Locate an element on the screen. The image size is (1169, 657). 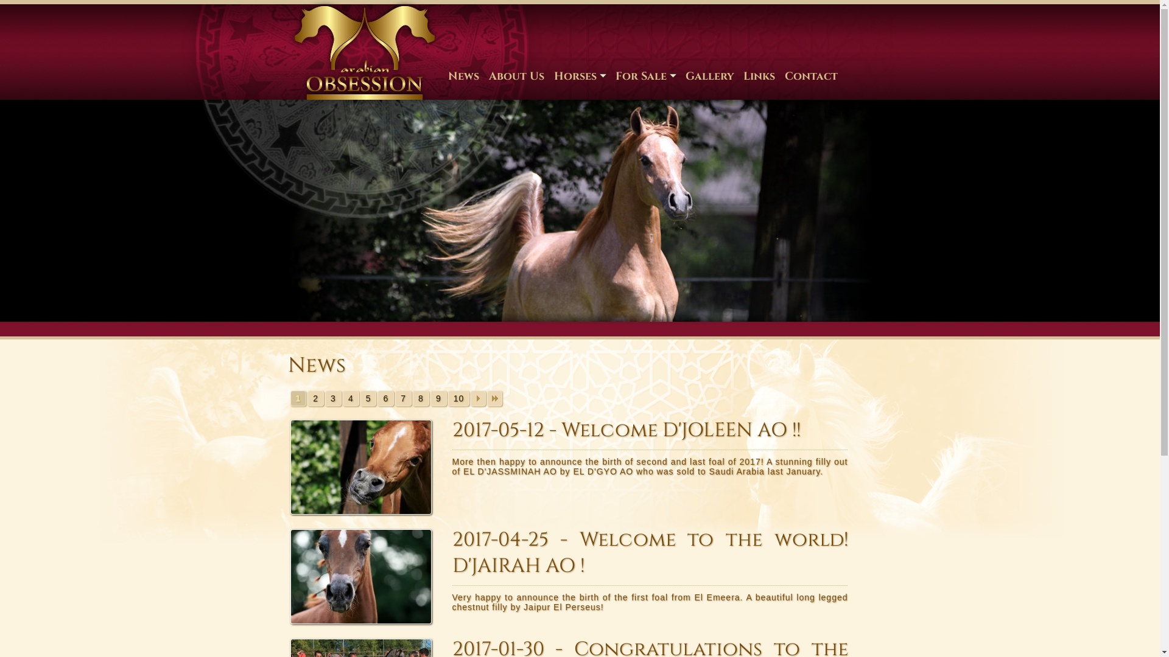
'4' is located at coordinates (342, 398).